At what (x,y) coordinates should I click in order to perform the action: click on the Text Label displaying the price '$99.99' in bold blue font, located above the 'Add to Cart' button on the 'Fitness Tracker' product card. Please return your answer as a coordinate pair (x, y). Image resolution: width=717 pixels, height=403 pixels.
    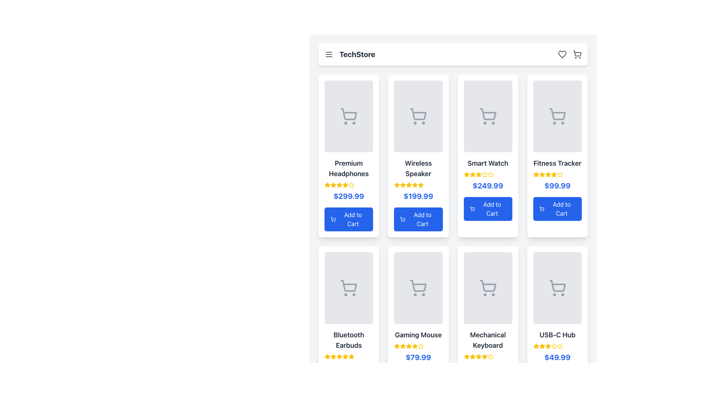
    Looking at the image, I should click on (557, 185).